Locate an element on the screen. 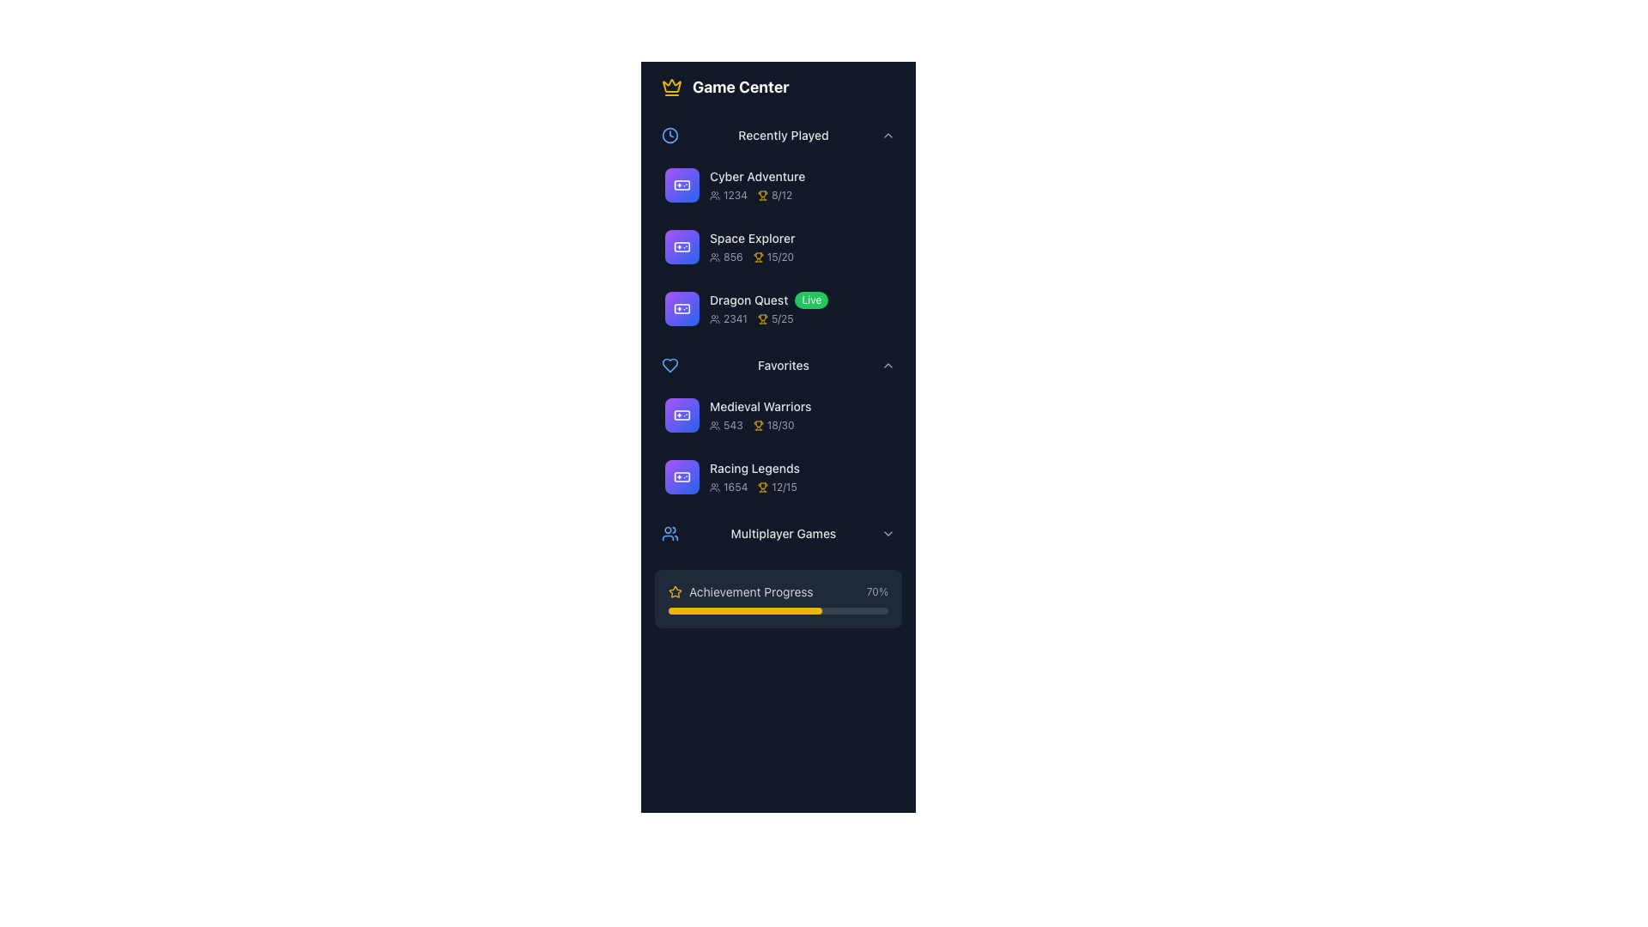 The width and height of the screenshot is (1648, 927). the Static Text indicating the total number of players in the game 'Space Explorer', which is located next to the user group icon in the 'Recently Played' section is located at coordinates (733, 257).